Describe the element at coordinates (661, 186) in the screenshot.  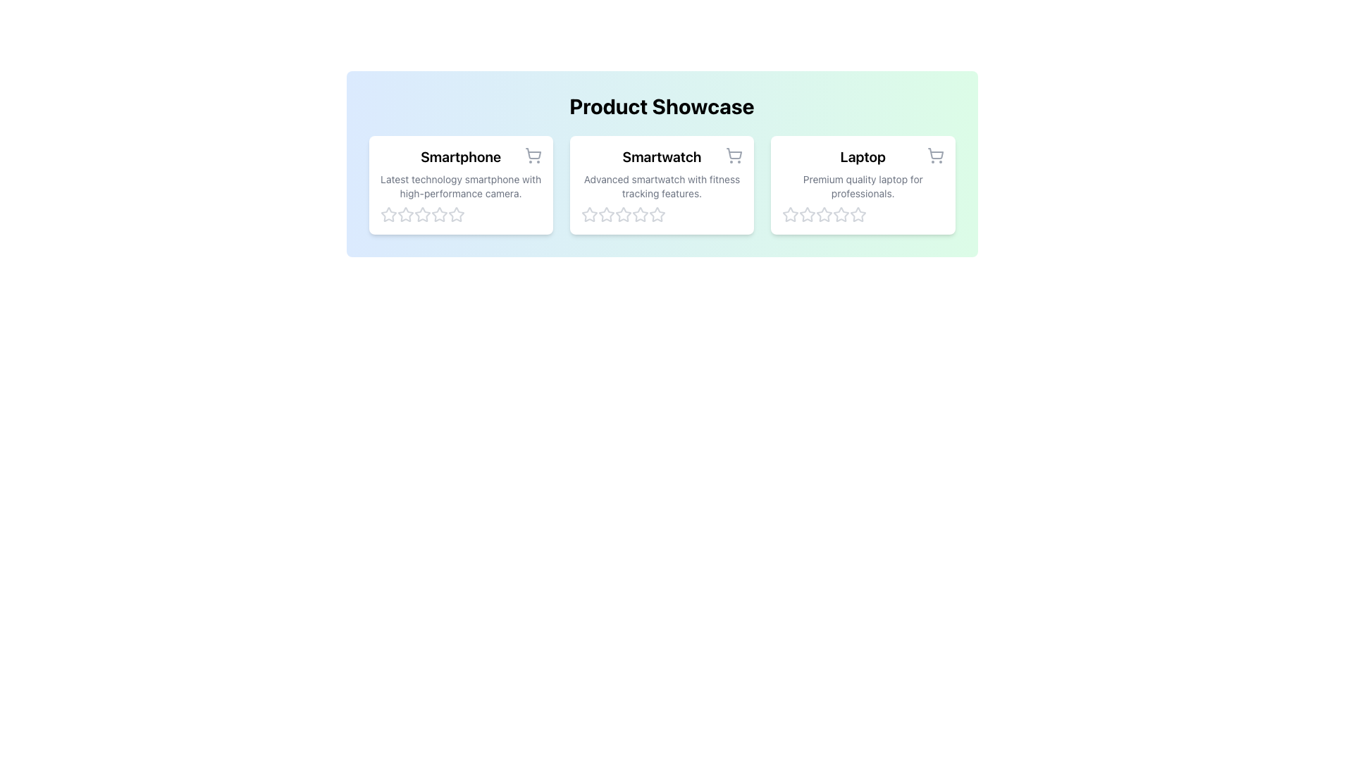
I see `text line reading 'Advanced smartwatch with fitness tracking features.' which is located below the title 'Smartwatch' in the middle card of three side-by-side cards` at that location.